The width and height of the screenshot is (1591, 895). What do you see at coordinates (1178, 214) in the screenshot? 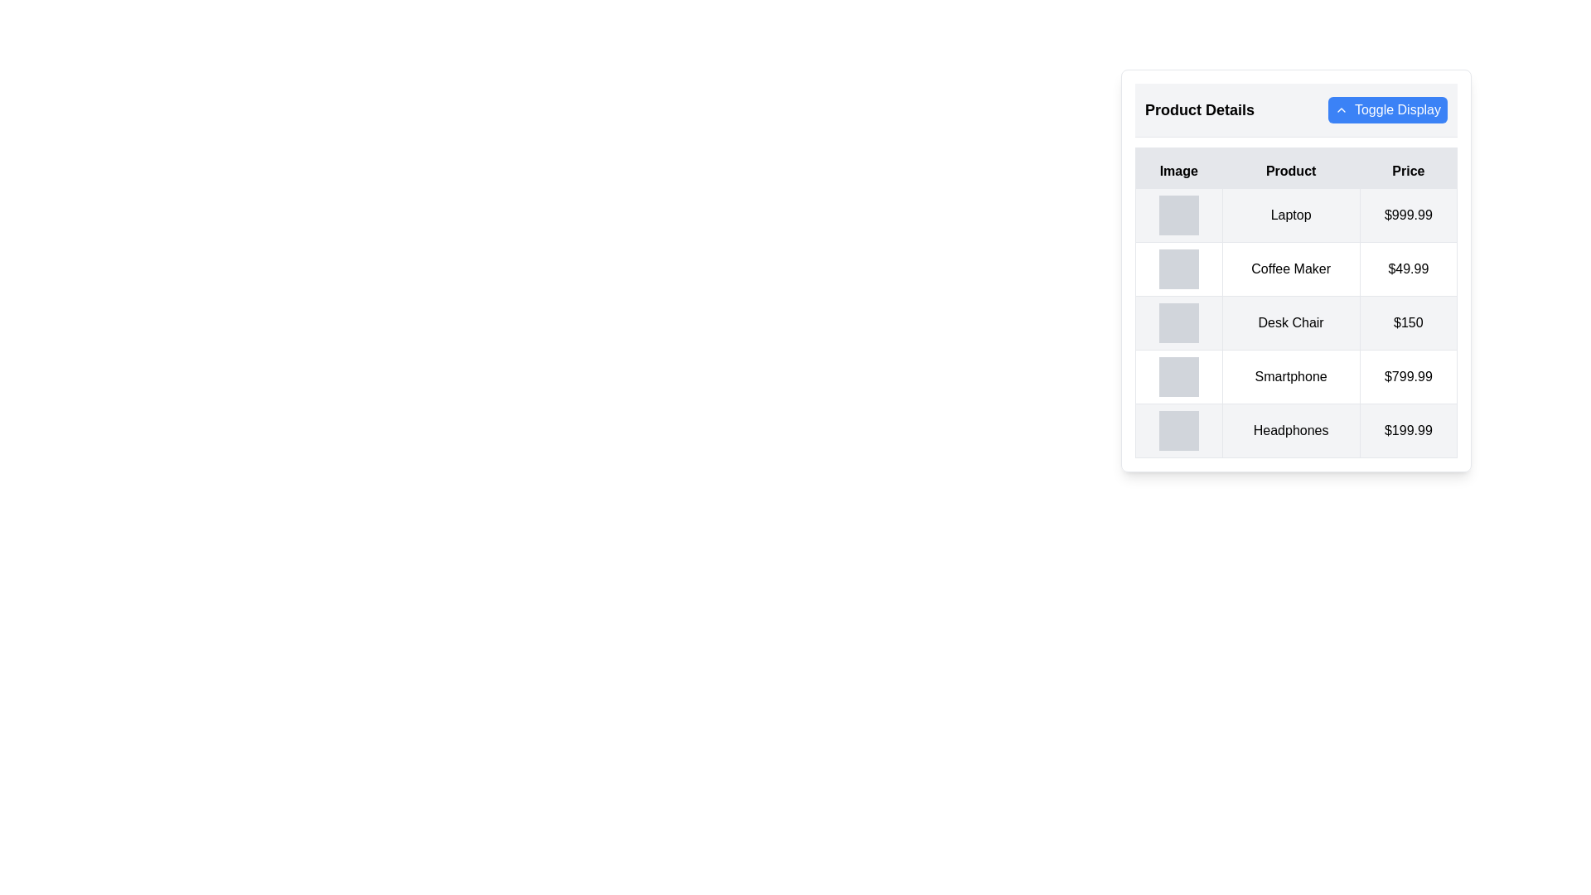
I see `the light gray square-shaped image placeholder located in the 'Image' column of the 'Product Details' panel` at bounding box center [1178, 214].